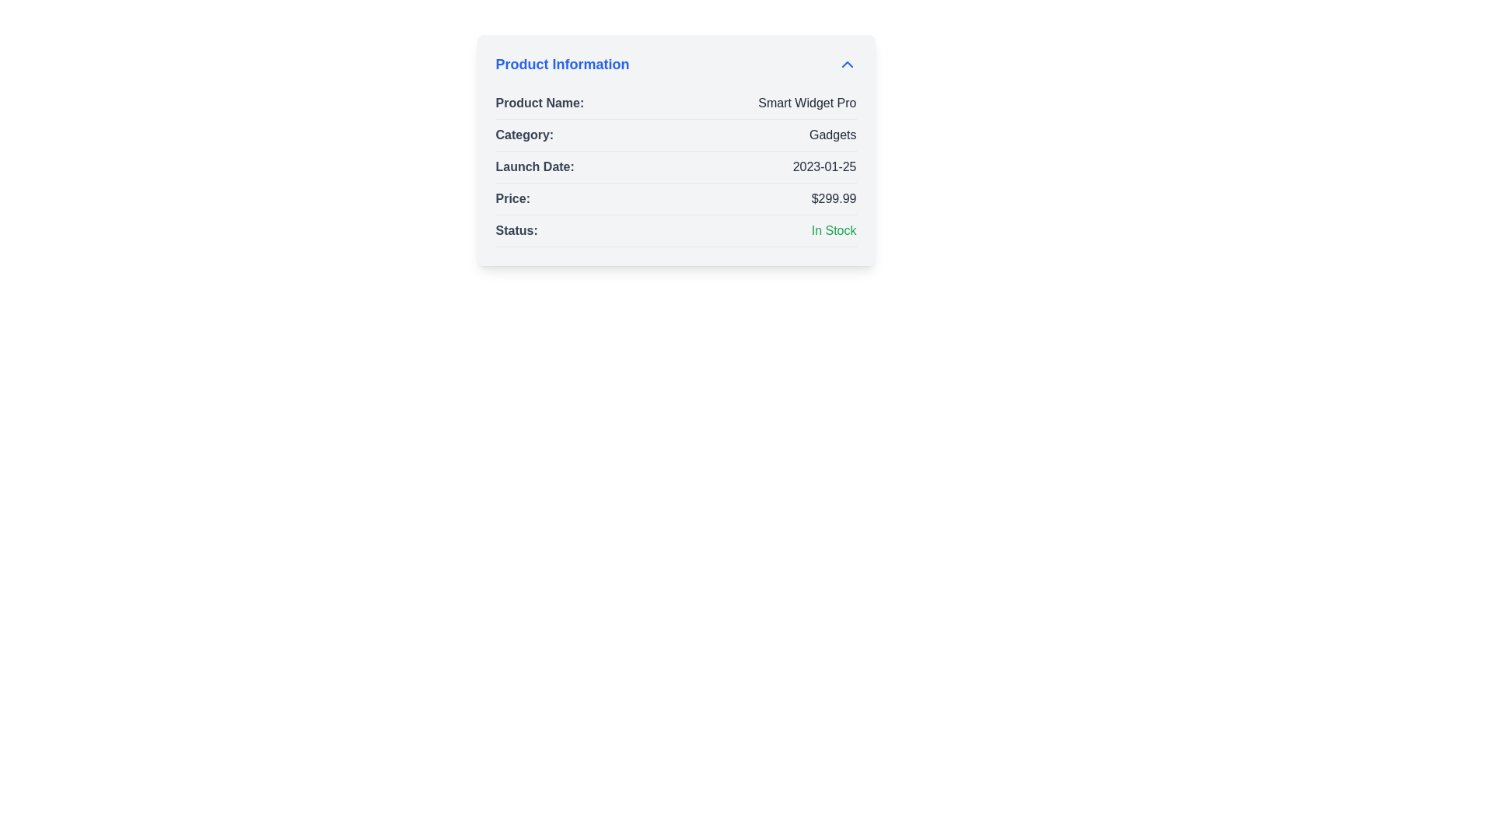 The image size is (1493, 840). I want to click on the upward-pointing chevron-shaped arrow icon with a blue outline and white fill, located in the header of the 'Product Information' section, so click(846, 64).